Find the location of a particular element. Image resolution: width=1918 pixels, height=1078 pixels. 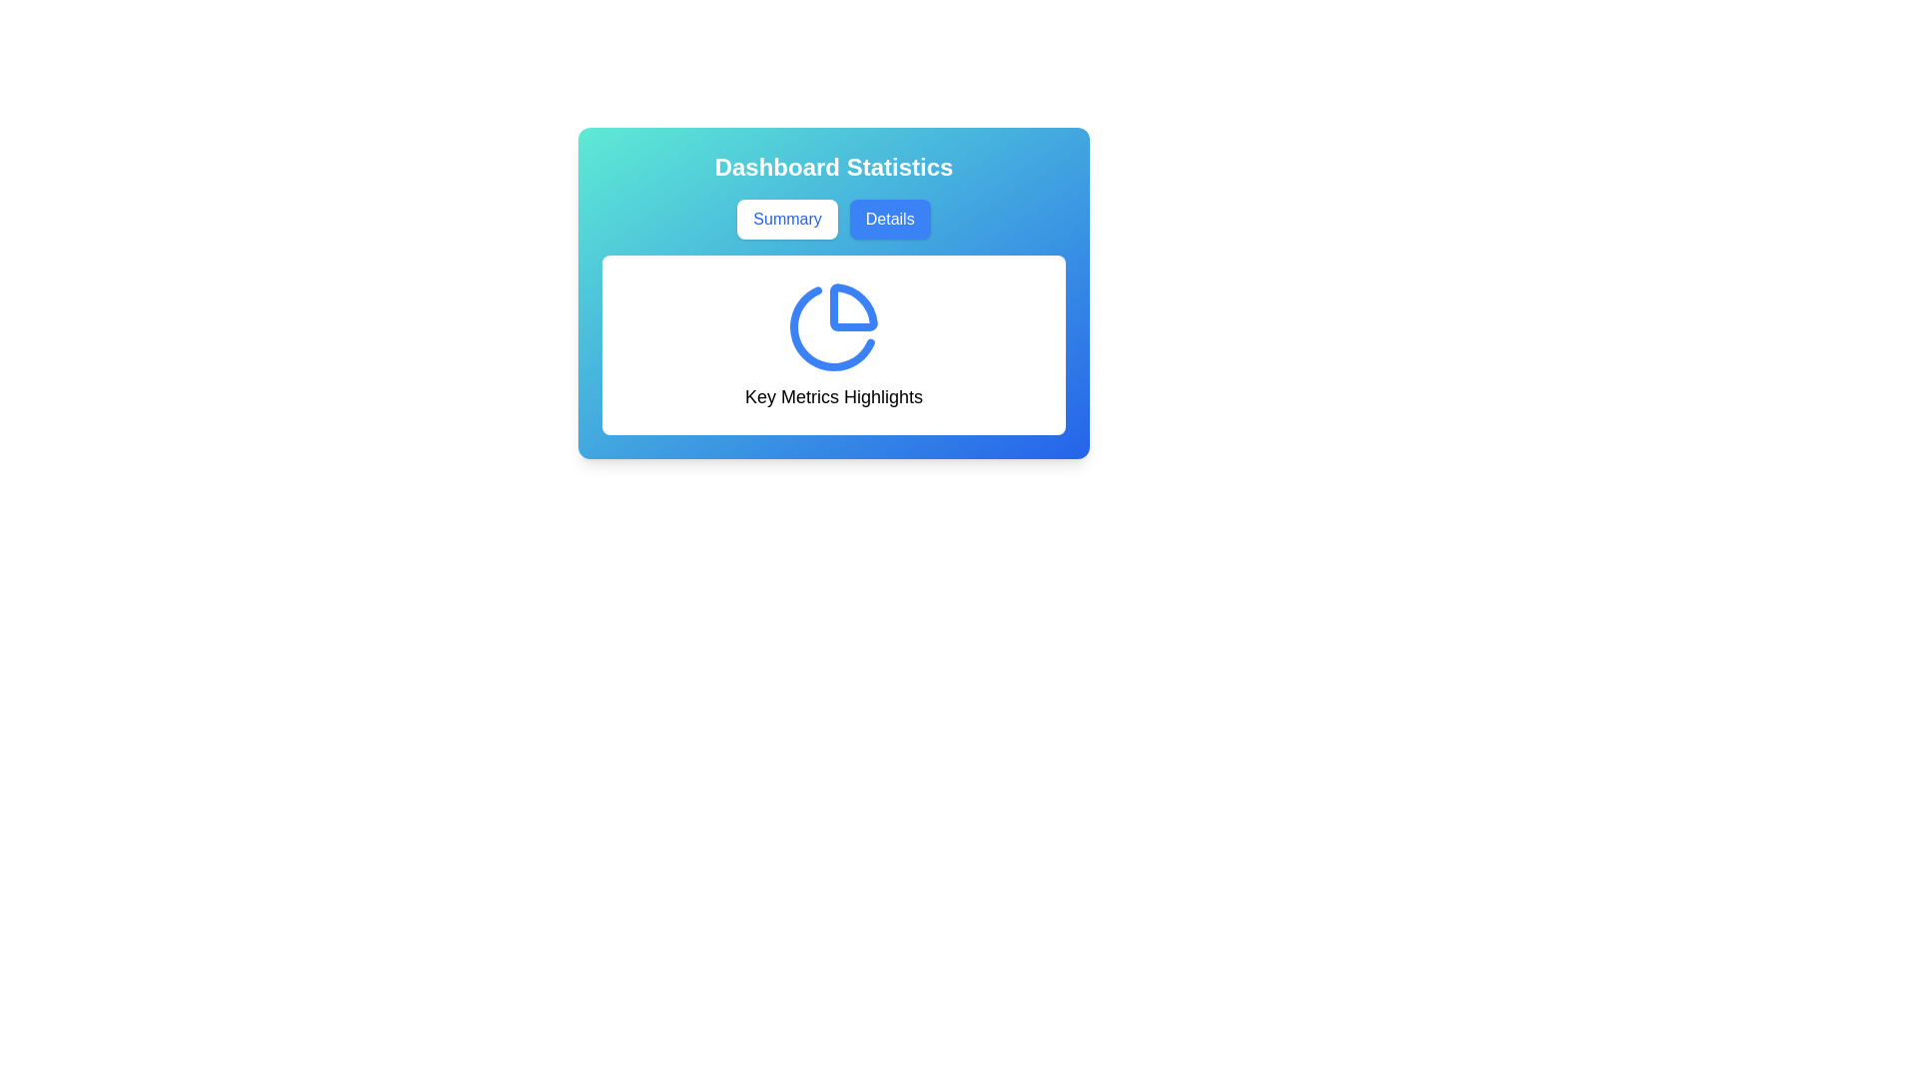

the text element that reads 'Key Metrics Highlights', which is styled with a larger font size and bold weight, located directly beneath a blue pie chart icon is located at coordinates (834, 396).